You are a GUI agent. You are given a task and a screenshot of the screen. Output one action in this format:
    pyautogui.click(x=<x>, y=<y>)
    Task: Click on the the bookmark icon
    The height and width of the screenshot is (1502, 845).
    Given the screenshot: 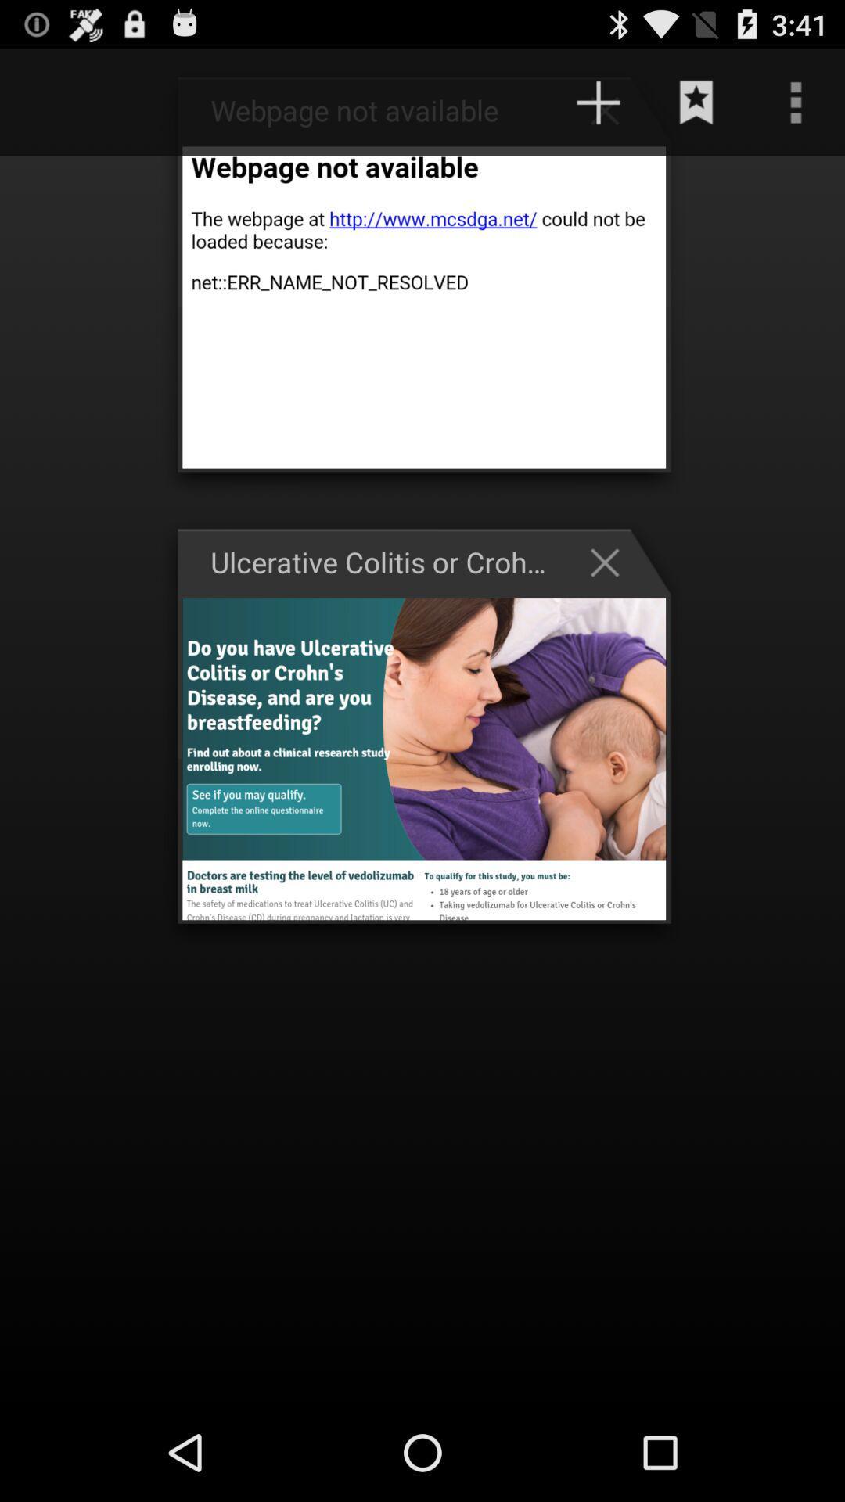 What is the action you would take?
    pyautogui.click(x=696, y=109)
    